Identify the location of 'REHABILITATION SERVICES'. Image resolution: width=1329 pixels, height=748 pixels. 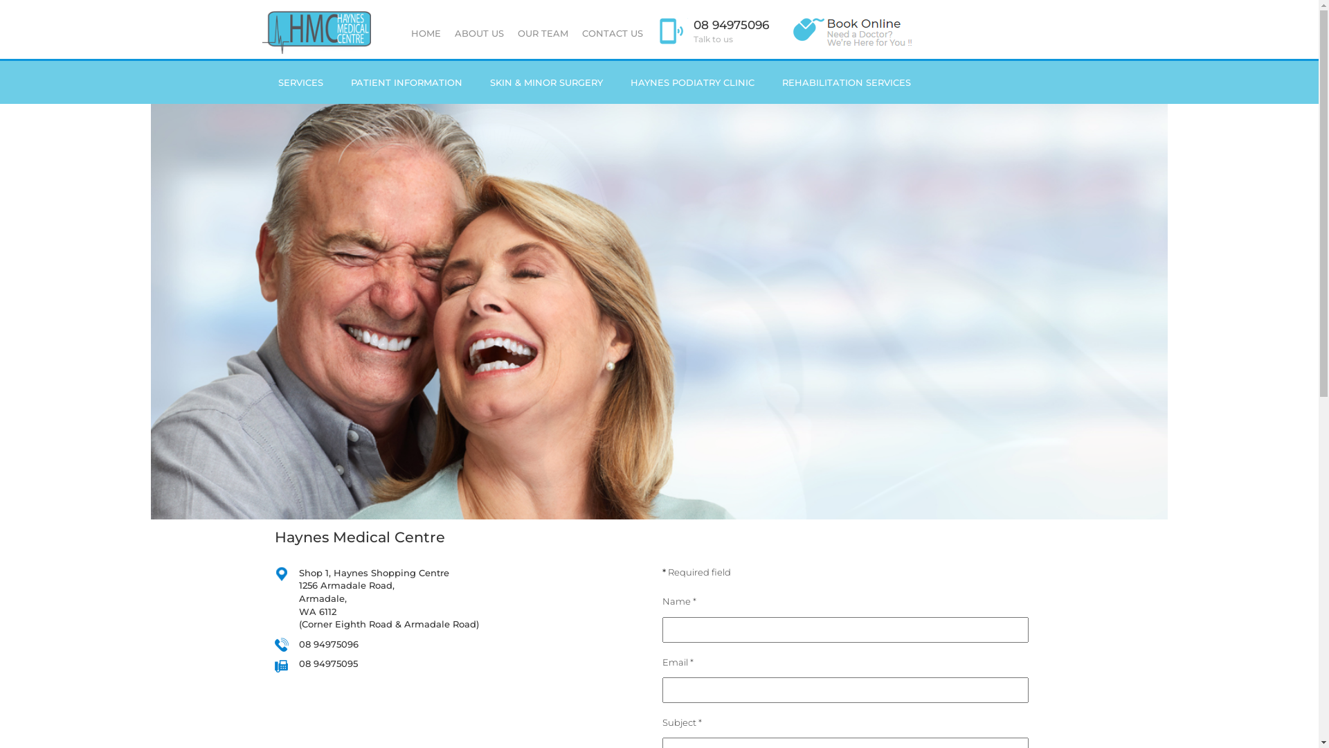
(846, 82).